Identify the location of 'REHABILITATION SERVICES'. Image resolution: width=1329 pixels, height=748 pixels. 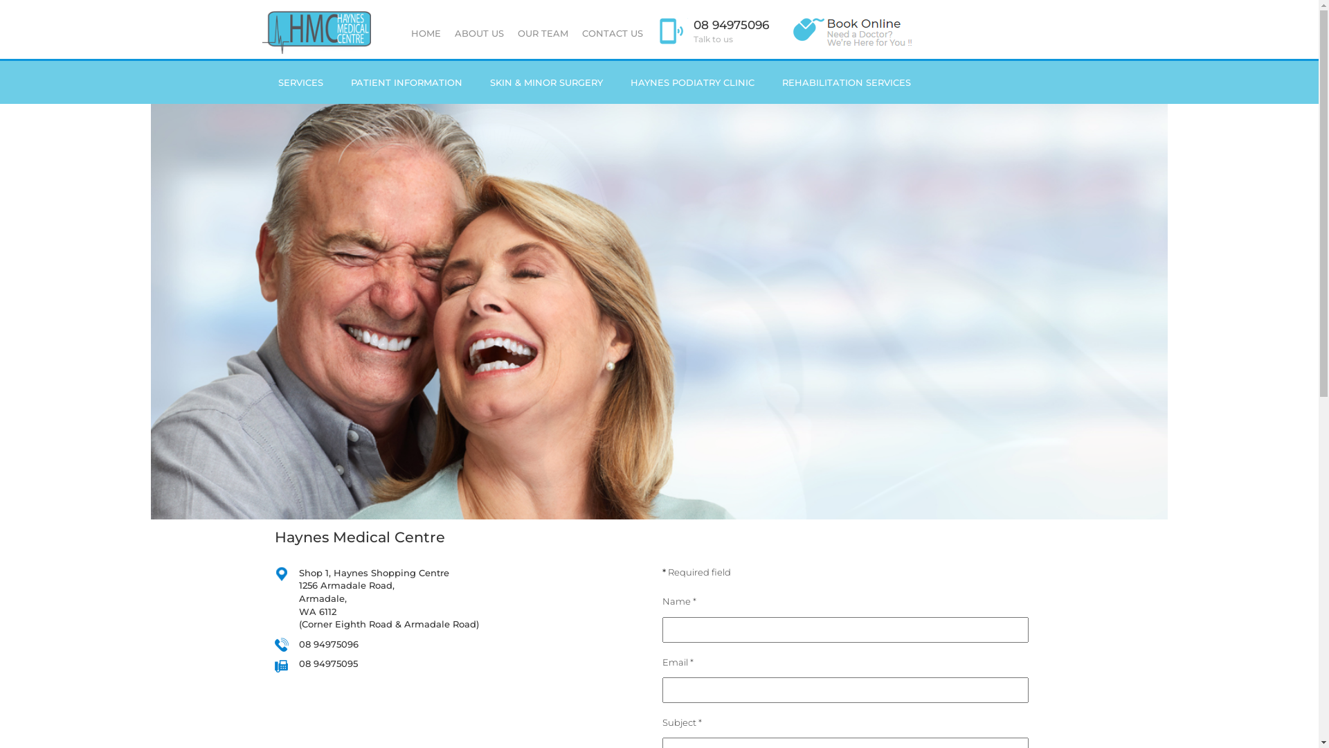
(846, 82).